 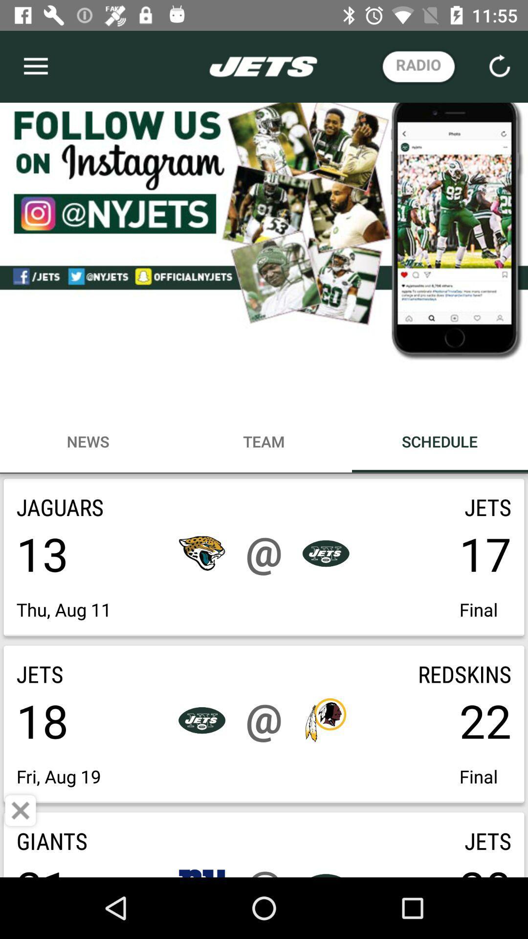 I want to click on the icon to the left of jets item, so click(x=21, y=810).